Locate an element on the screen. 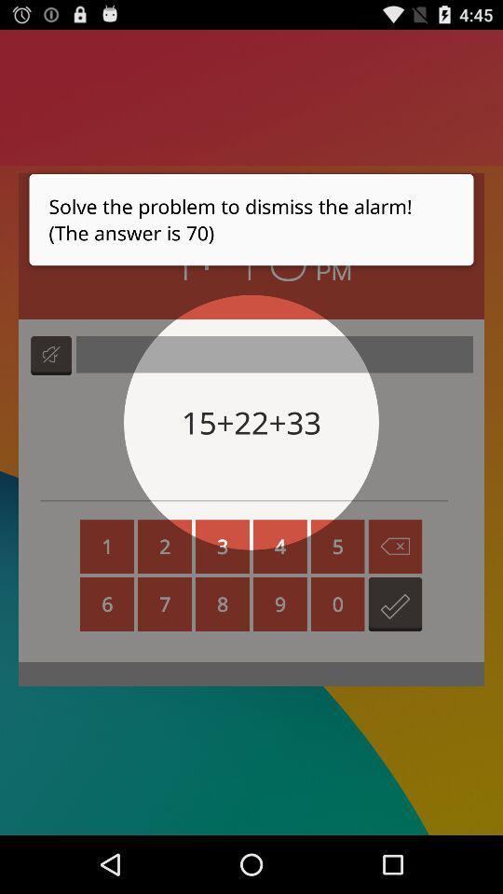 The height and width of the screenshot is (894, 503). the volume icon is located at coordinates (51, 379).